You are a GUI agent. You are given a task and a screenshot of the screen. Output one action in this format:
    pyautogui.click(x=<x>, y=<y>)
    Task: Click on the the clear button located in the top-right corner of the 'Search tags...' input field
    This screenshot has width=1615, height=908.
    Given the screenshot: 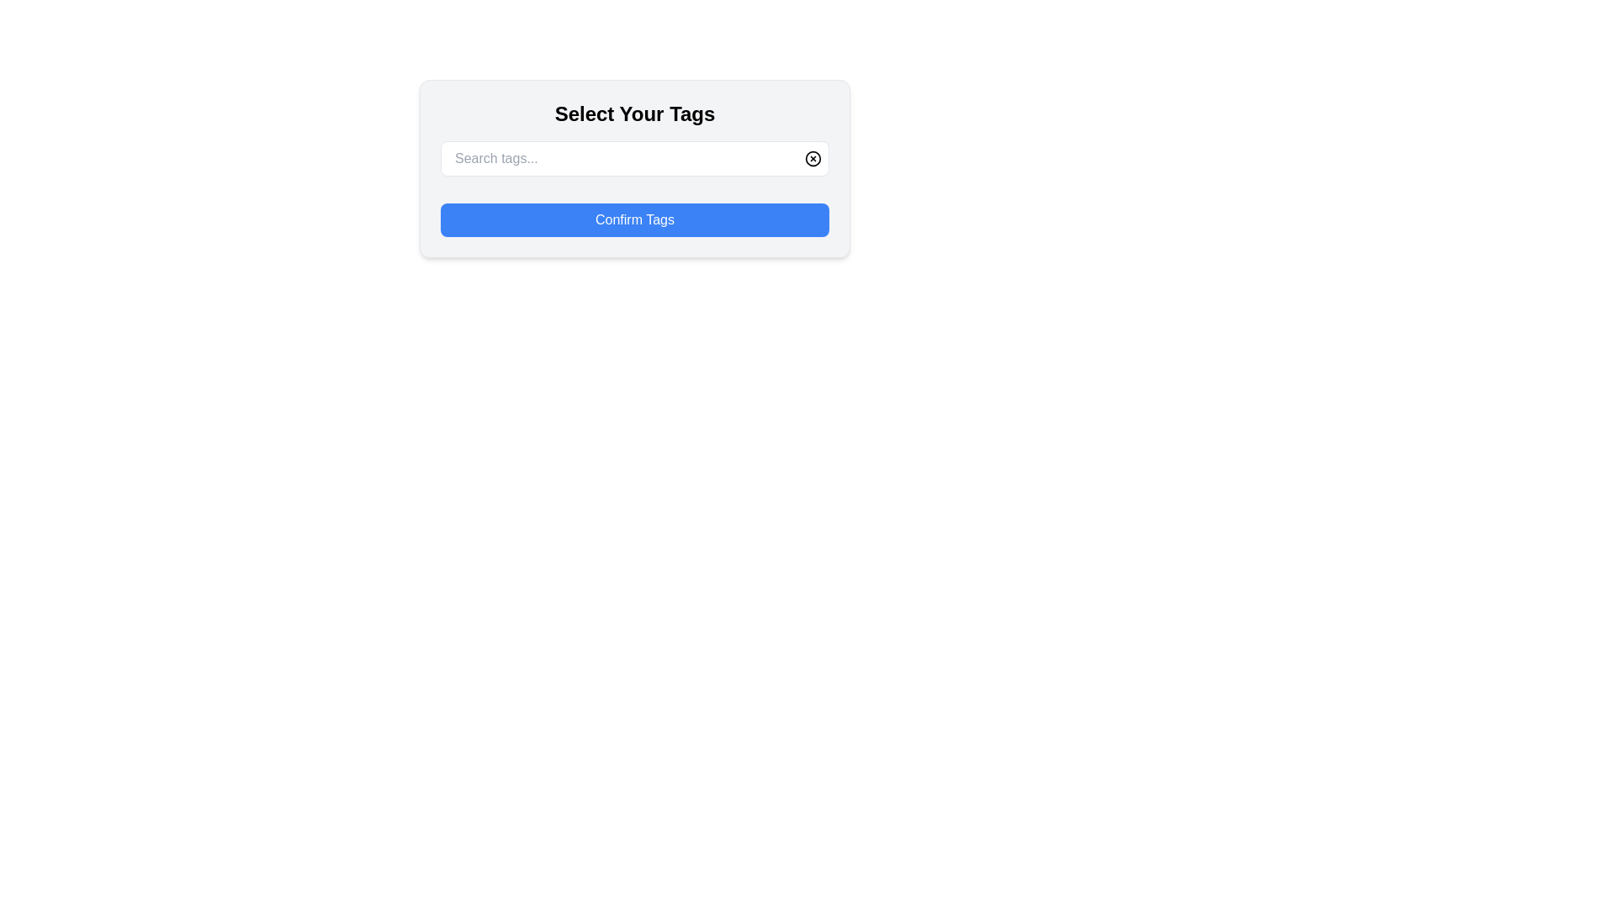 What is the action you would take?
    pyautogui.click(x=813, y=159)
    